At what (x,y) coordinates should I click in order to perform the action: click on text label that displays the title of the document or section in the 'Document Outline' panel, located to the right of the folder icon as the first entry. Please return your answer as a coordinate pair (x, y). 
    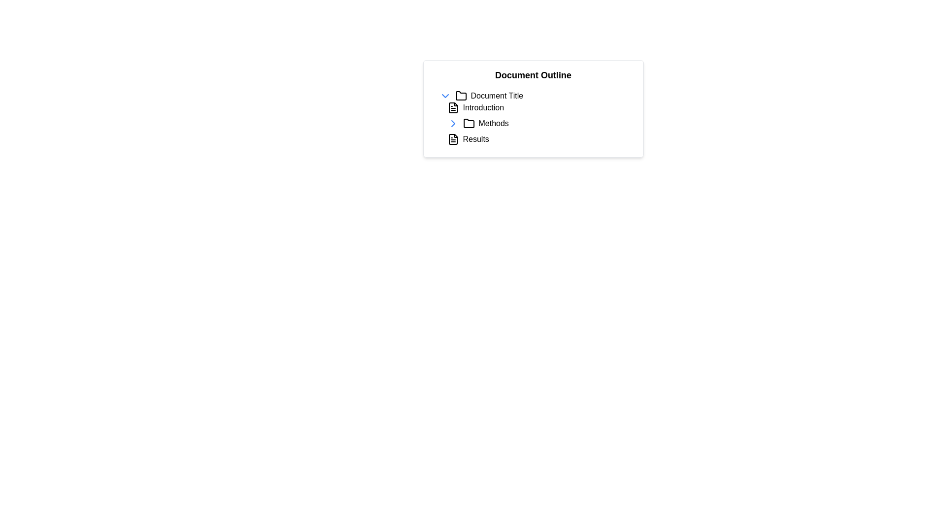
    Looking at the image, I should click on (497, 96).